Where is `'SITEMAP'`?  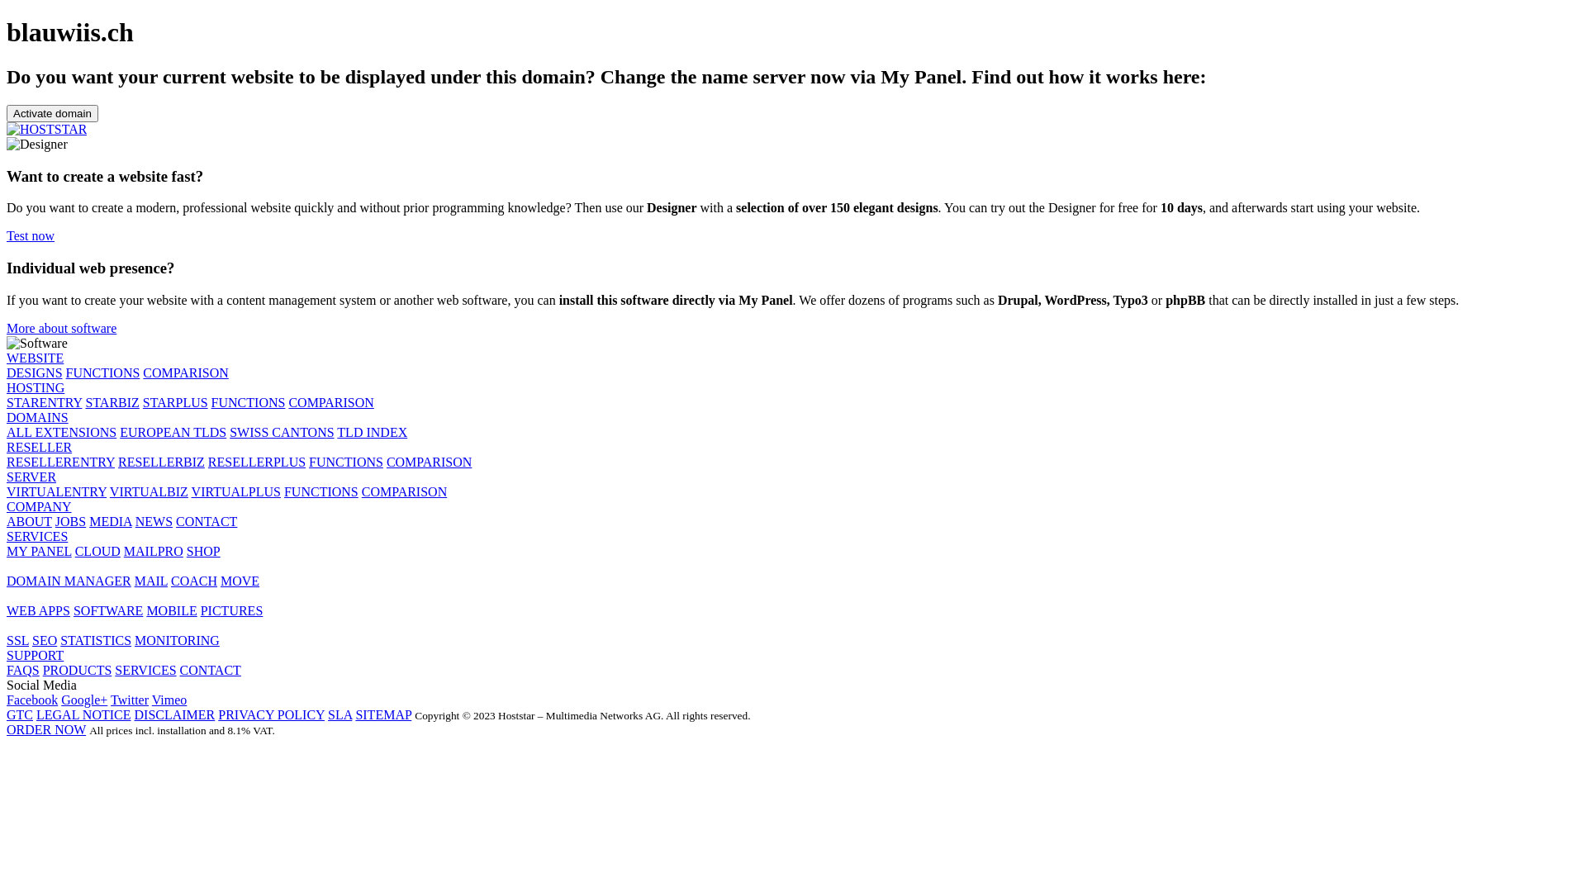
'SITEMAP' is located at coordinates (382, 714).